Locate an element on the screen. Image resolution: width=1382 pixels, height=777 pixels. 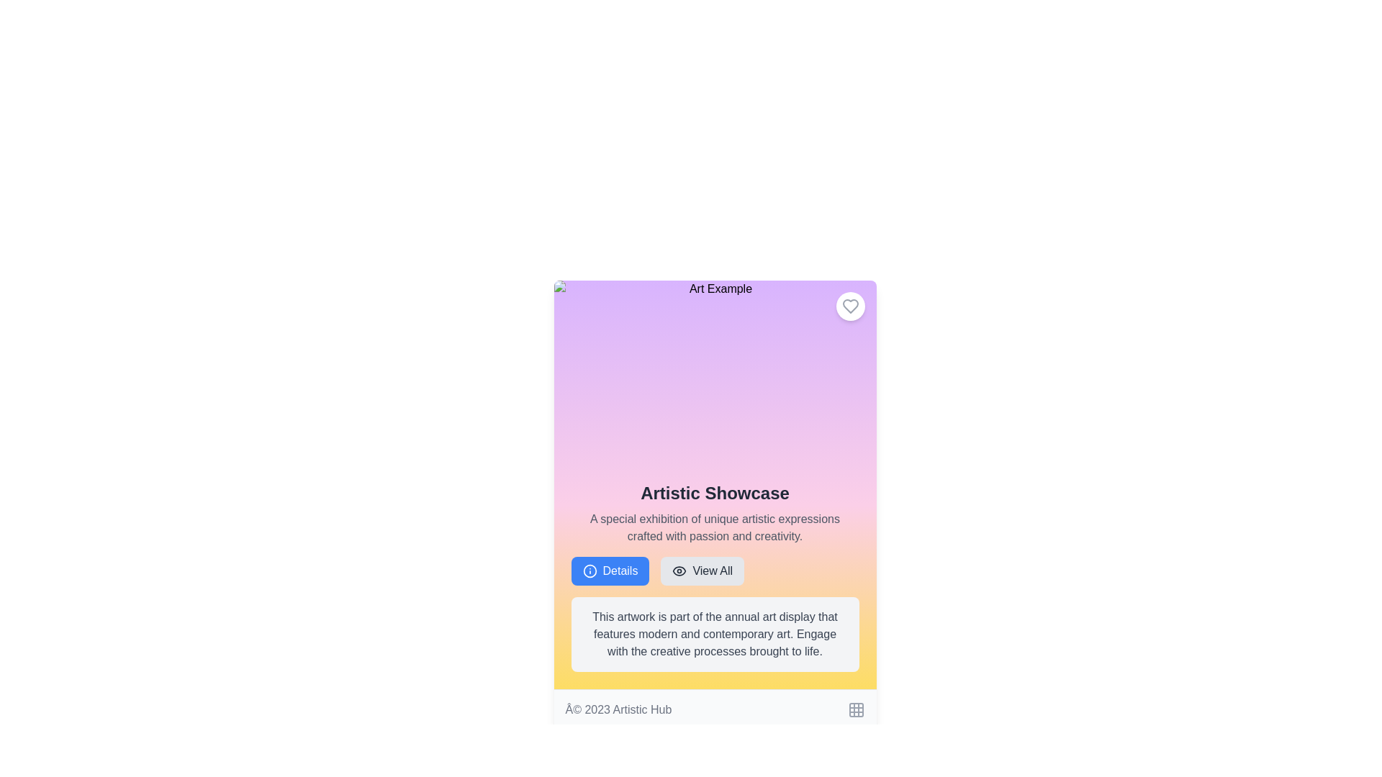
the text label reading 'Â© 2023 Artistic Hub' located at the bottom-left corner of the footer section is located at coordinates (618, 709).